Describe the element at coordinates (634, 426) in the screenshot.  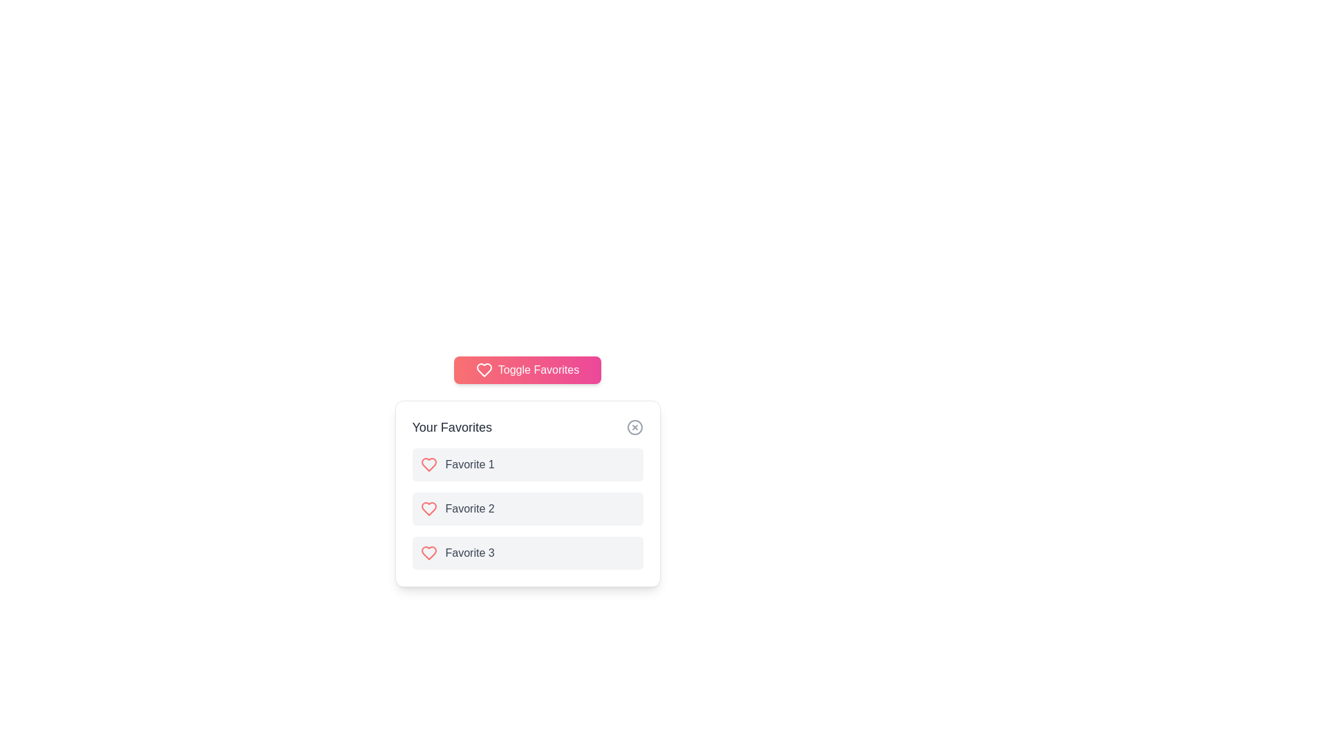
I see `the decorative circular element of the close-button icon located in the top-right corner of the favorites list to trigger the close action` at that location.